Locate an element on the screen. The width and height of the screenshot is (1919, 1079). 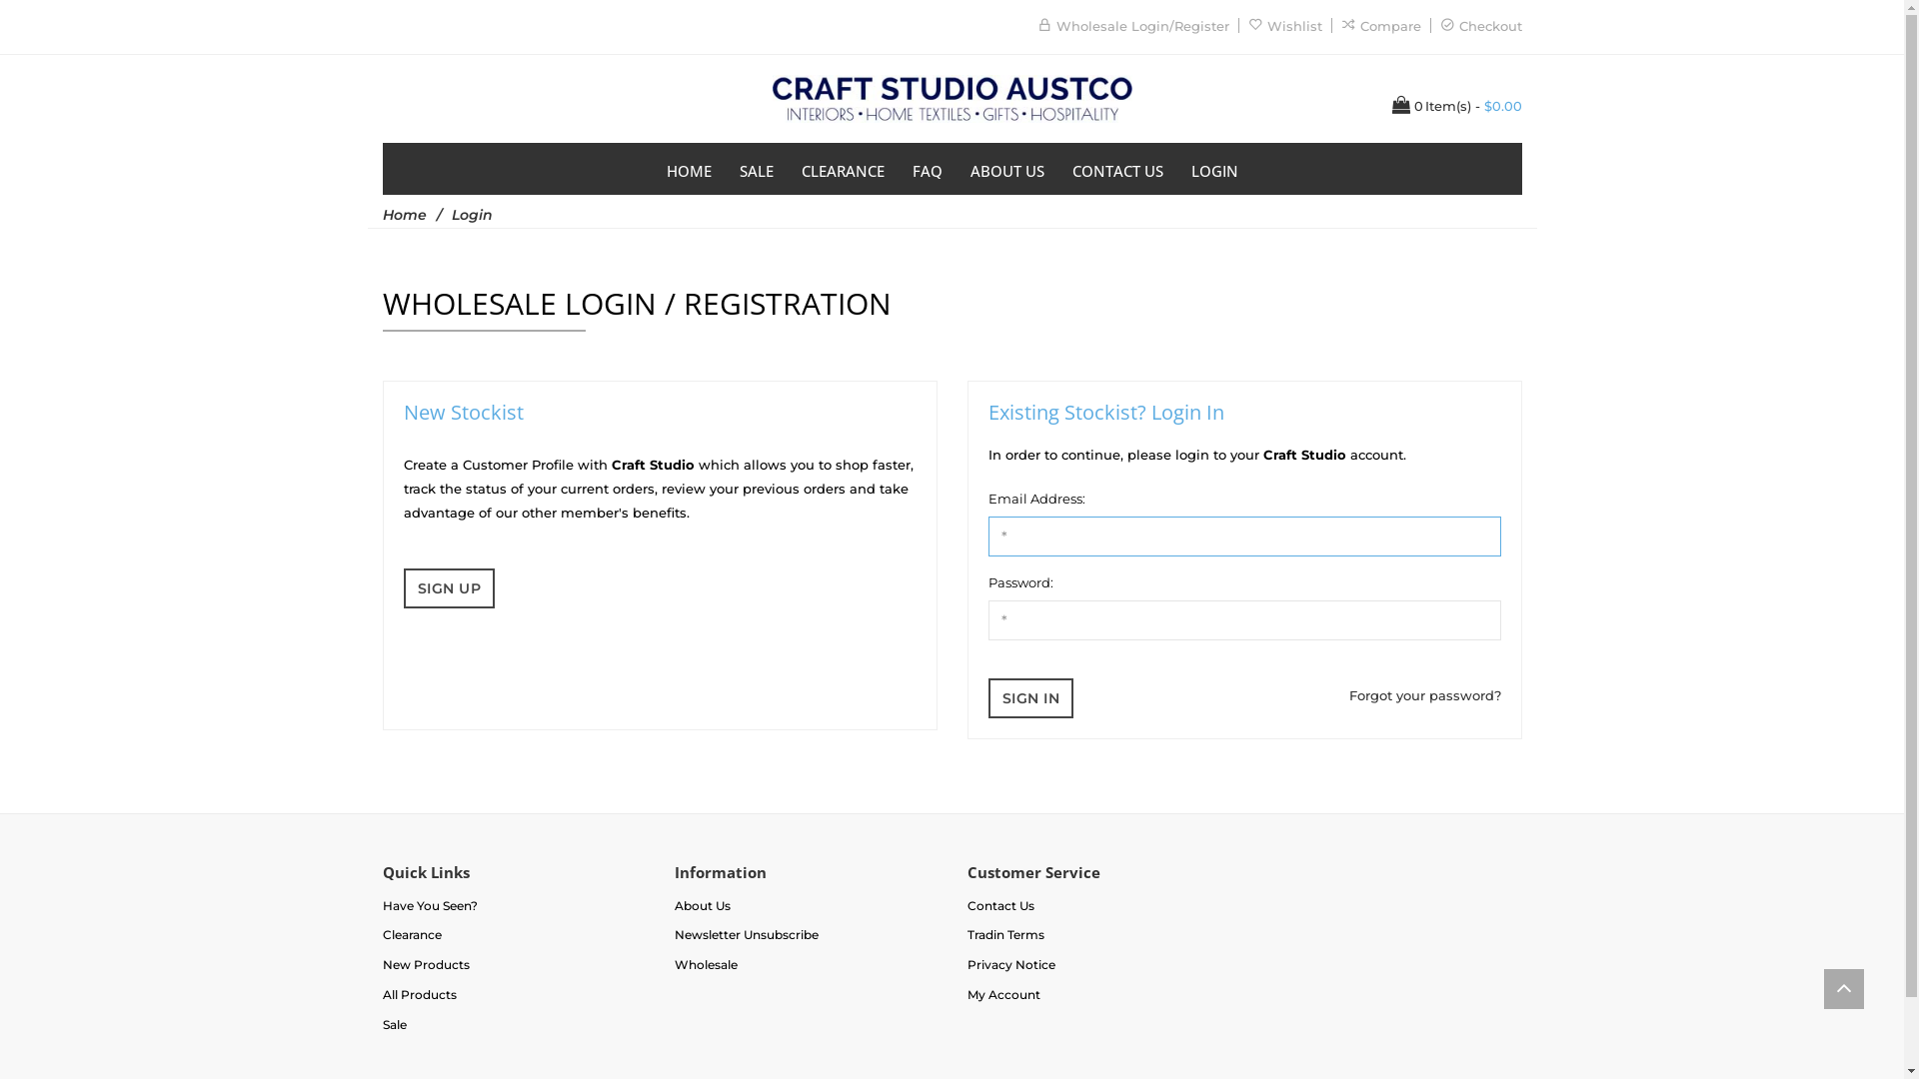
'Checkout' is located at coordinates (1490, 26).